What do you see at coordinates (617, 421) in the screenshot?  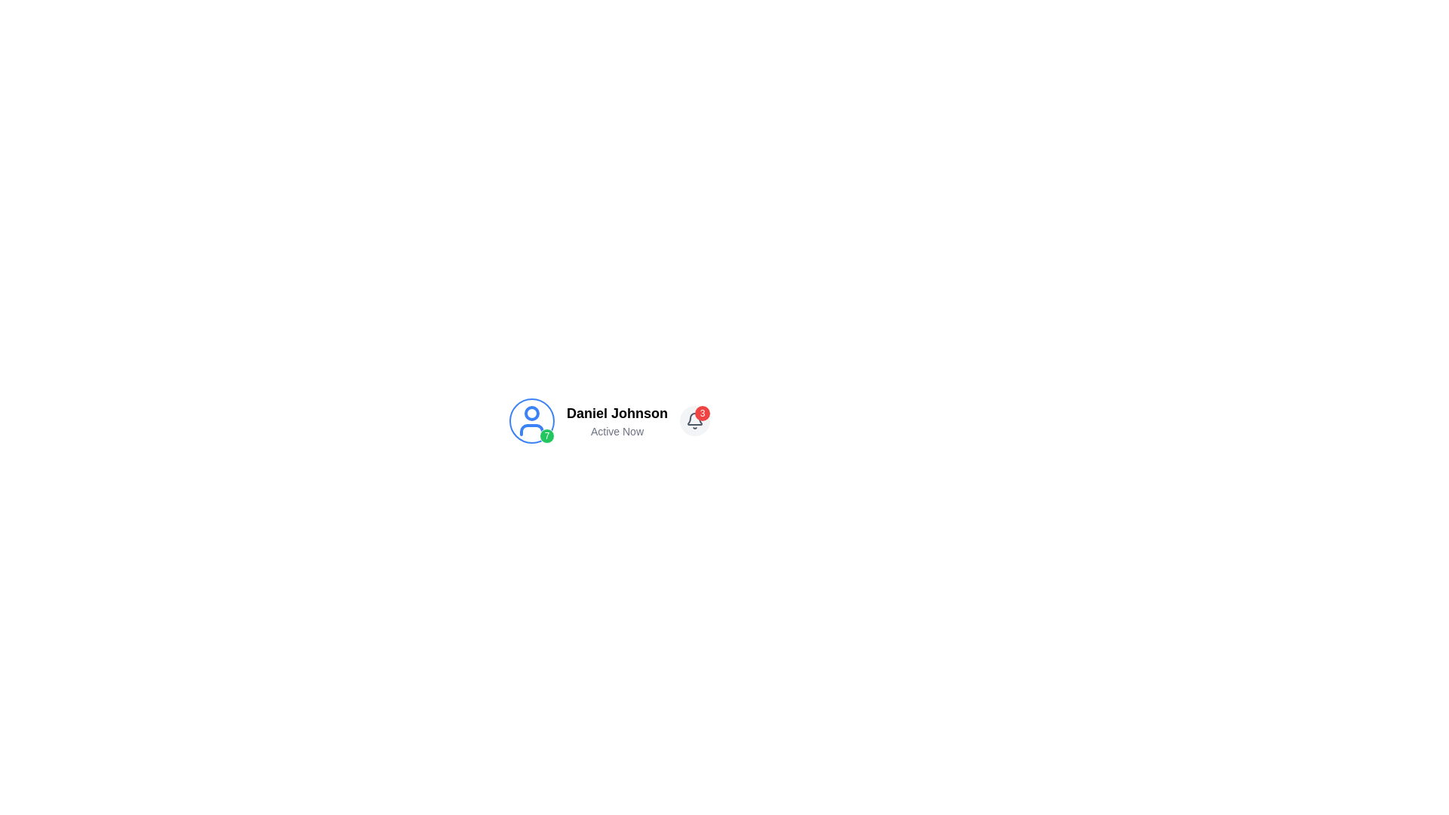 I see `the Text Label displaying 'Daniel Johnson' in bold and 'Active Now' in a smaller font, located between a profile icon with a green badge and a bell icon with a red badge` at bounding box center [617, 421].